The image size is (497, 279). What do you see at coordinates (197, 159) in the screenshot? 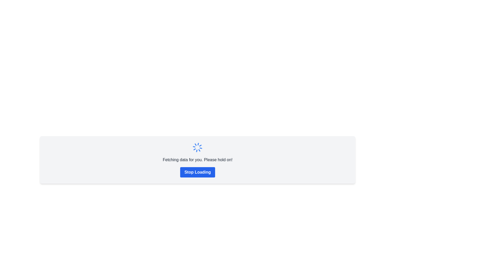
I see `the status information text label that indicates data is being retrieved, located beneath the spinning loader icon and above the 'Stop Loading' button` at bounding box center [197, 159].